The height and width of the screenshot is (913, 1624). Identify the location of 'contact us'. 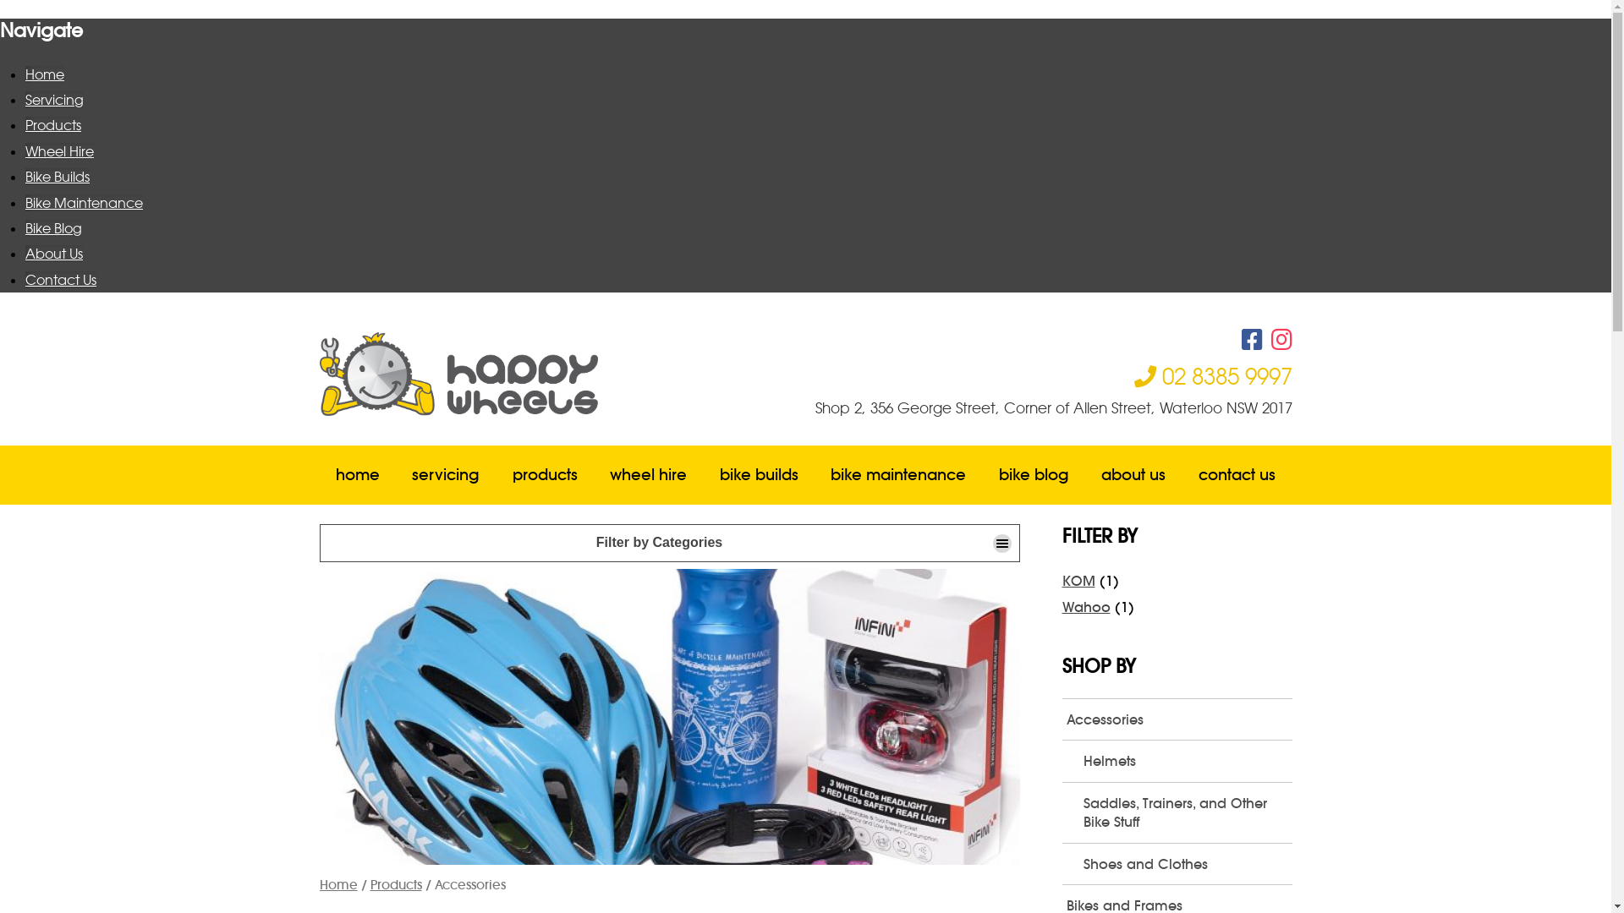
(1181, 475).